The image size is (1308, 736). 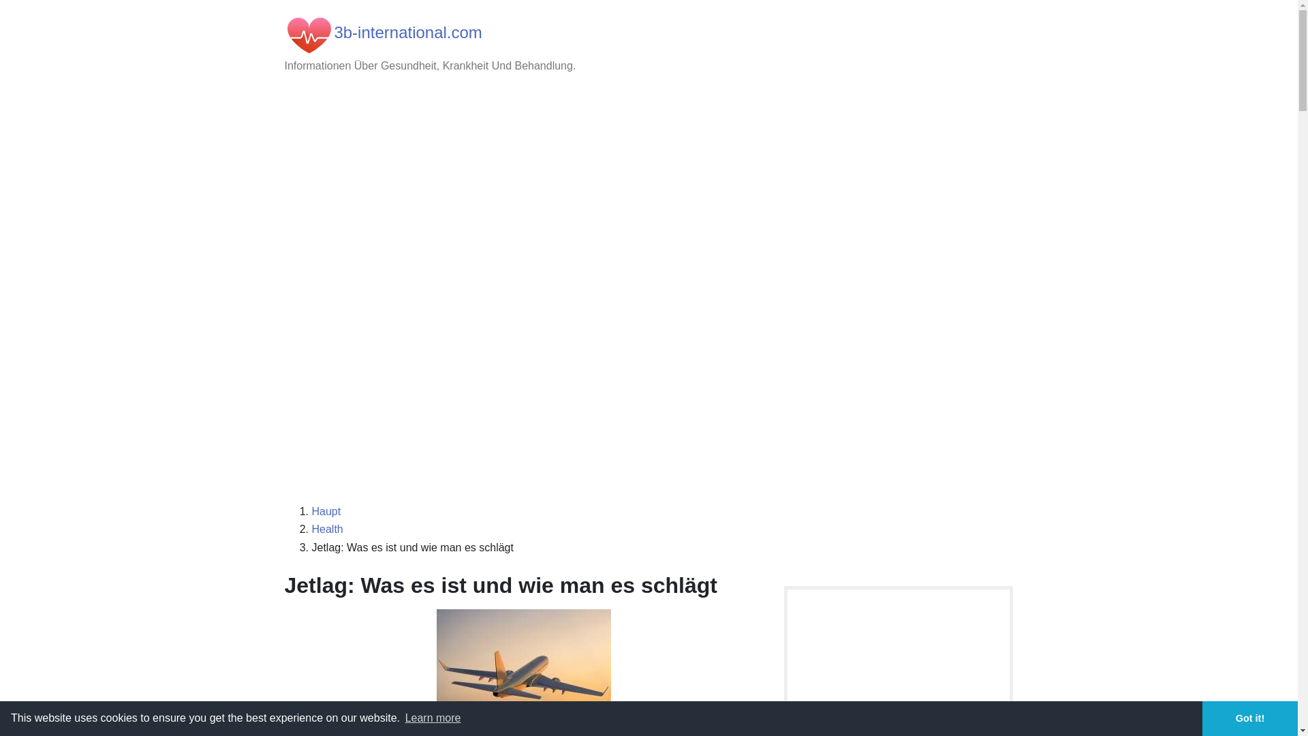 I want to click on 'Haupt', so click(x=326, y=511).